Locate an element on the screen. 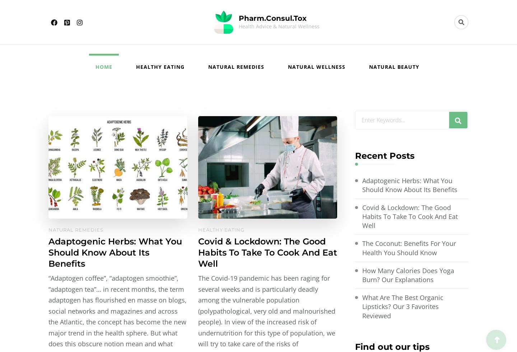  'Pharm.Consul.Tox' is located at coordinates (272, 18).